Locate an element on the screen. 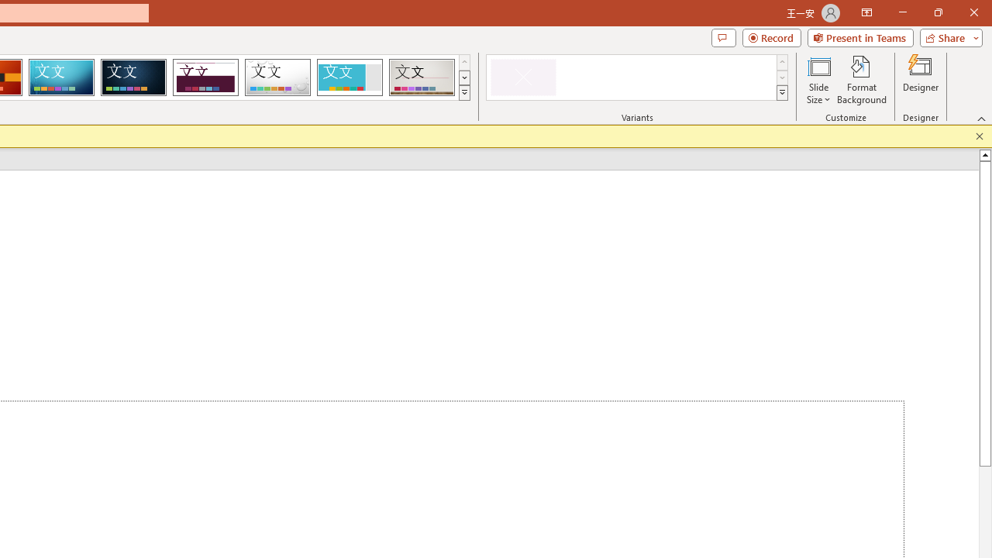 Image resolution: width=992 pixels, height=558 pixels. 'Damask' is located at coordinates (133, 77).